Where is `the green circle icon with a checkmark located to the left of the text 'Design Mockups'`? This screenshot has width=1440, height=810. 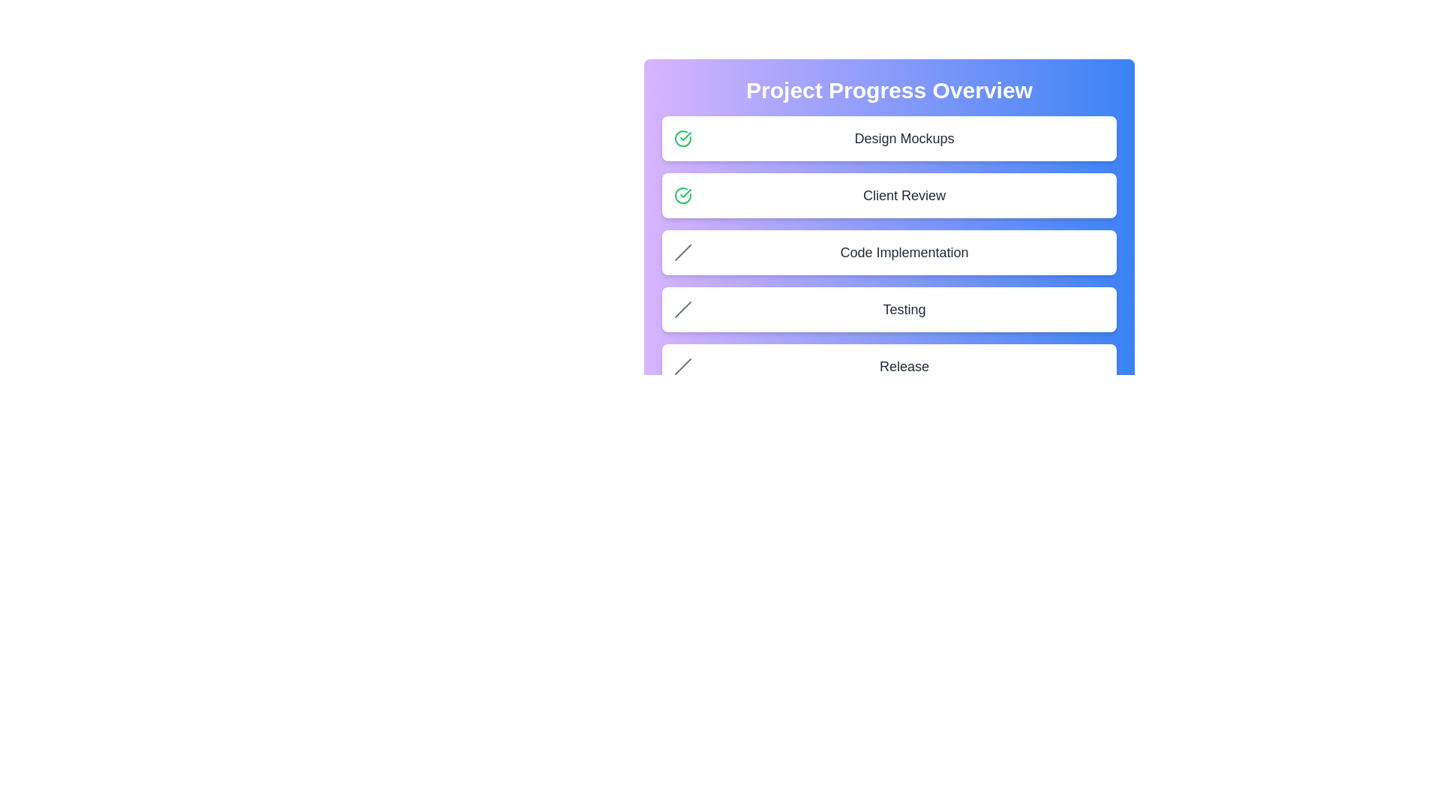 the green circle icon with a checkmark located to the left of the text 'Design Mockups' is located at coordinates (682, 139).